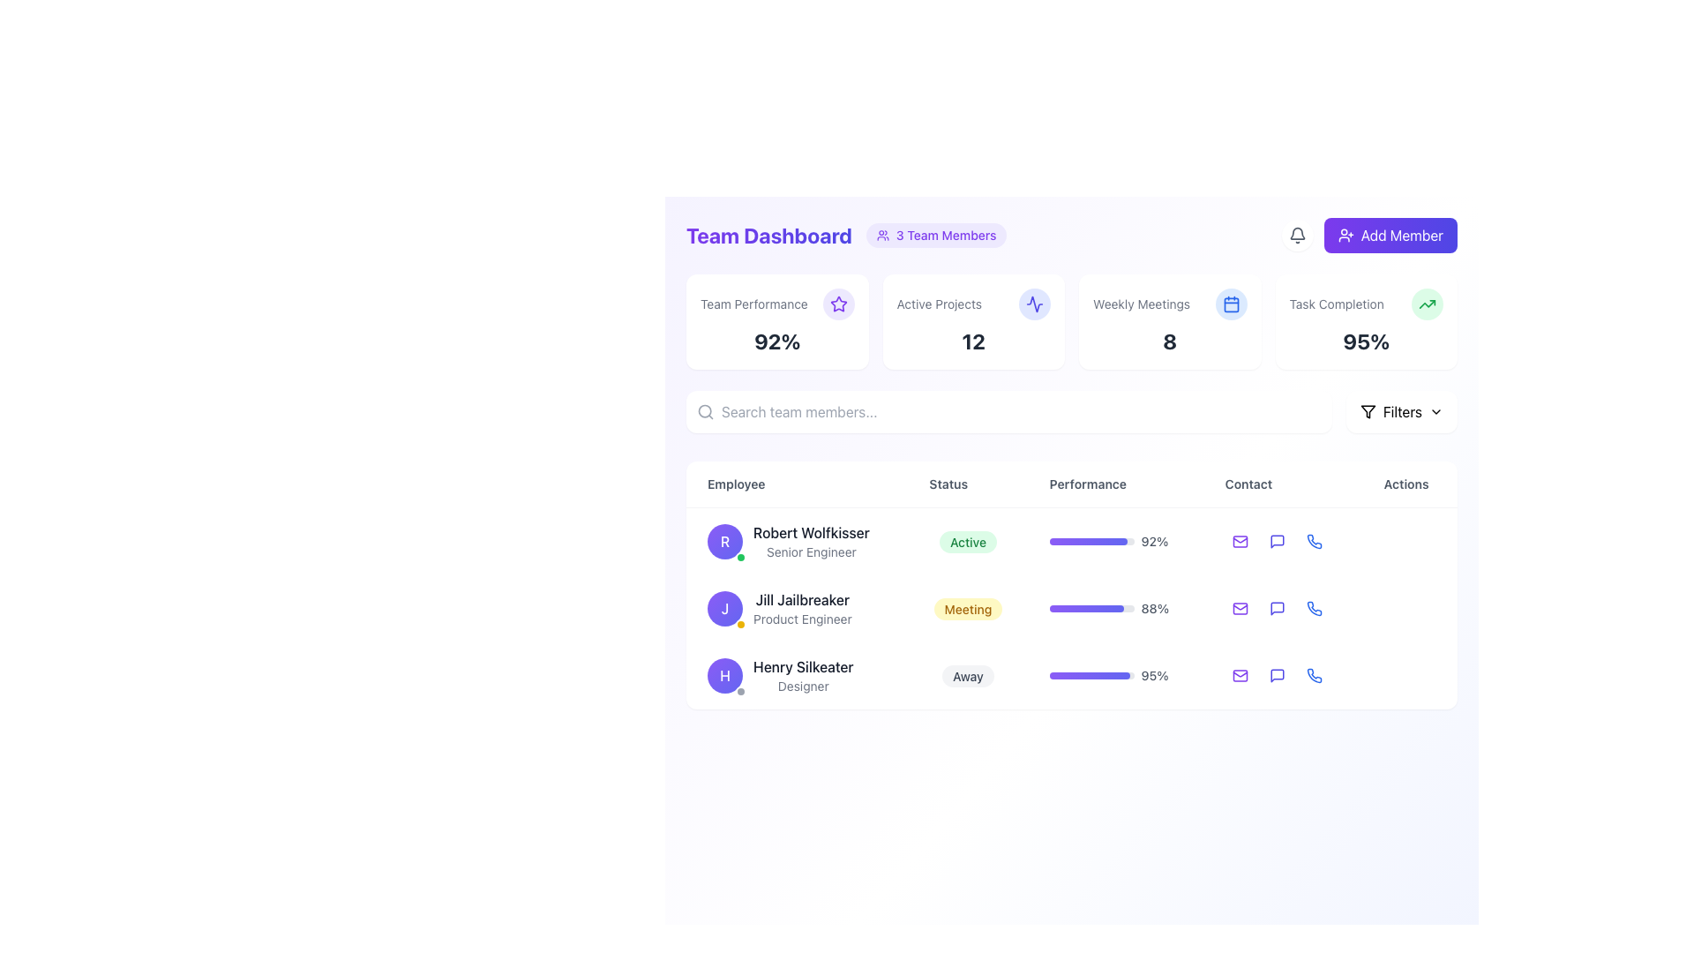 This screenshot has width=1694, height=953. Describe the element at coordinates (1070, 675) in the screenshot. I see `the third interactive row in the user listing table` at that location.